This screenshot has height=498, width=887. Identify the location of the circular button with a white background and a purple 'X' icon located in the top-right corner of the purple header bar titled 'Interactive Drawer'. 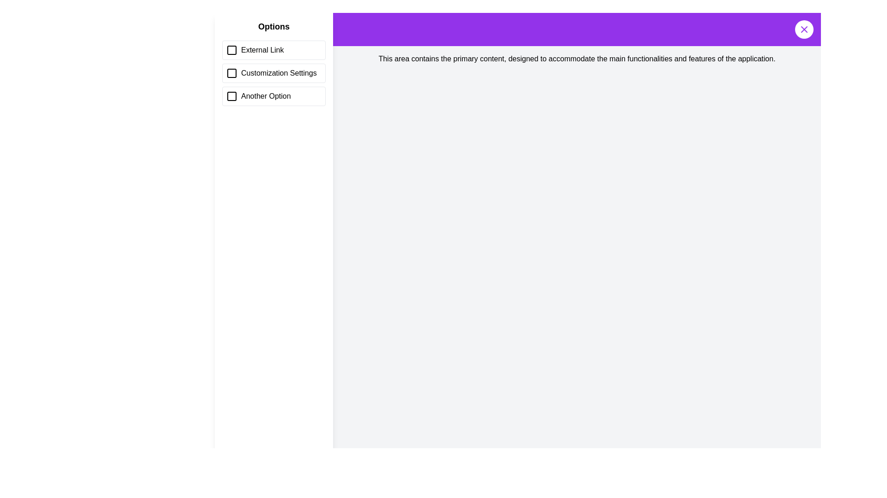
(804, 29).